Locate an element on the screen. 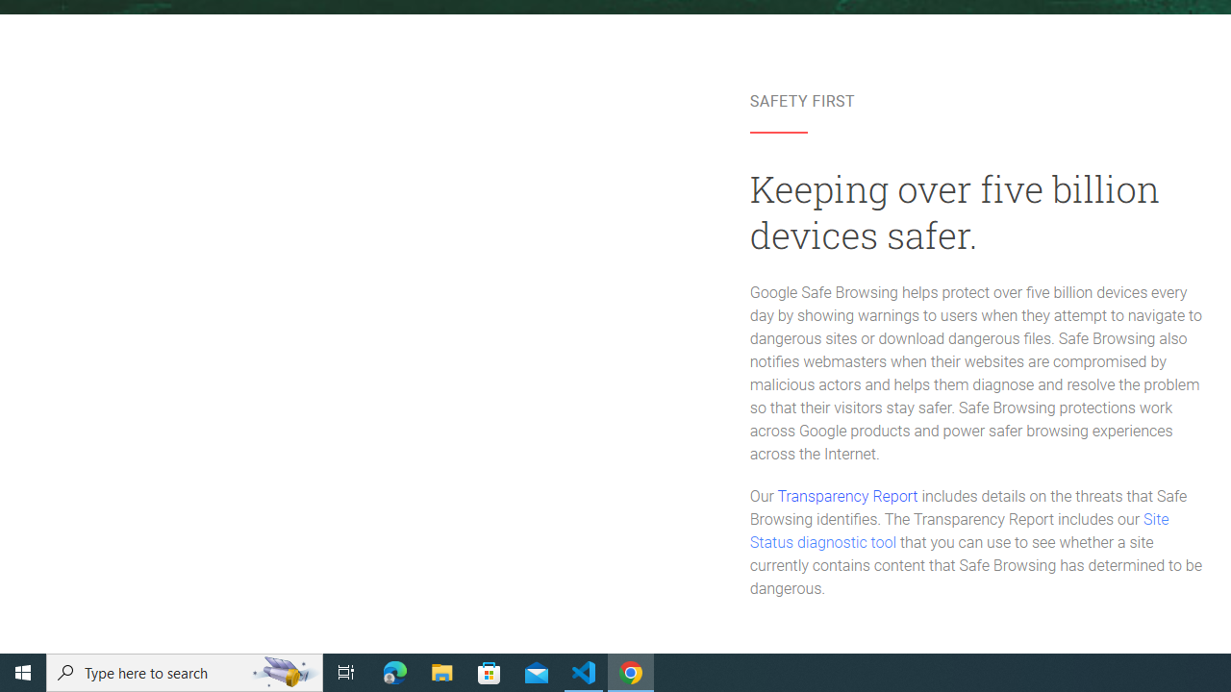 The width and height of the screenshot is (1231, 692). 'Site Status diagnostic tool' is located at coordinates (959, 531).